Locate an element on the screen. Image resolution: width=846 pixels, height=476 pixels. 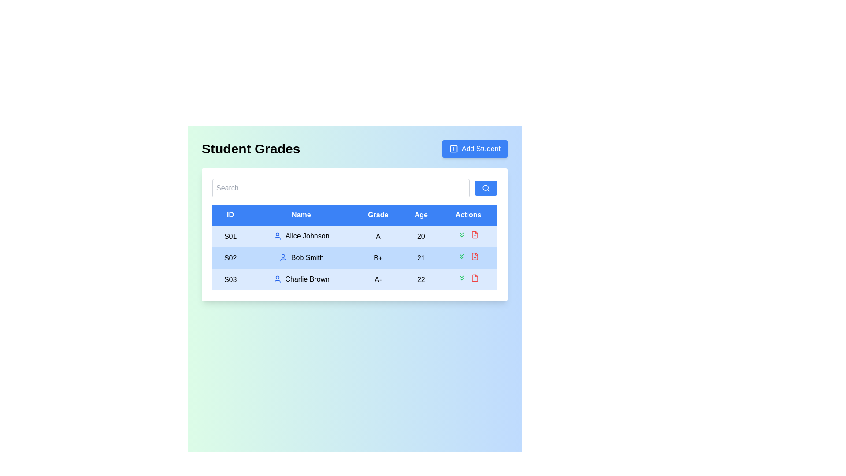
the details of the student name element displaying 'Alice Johnson' in the first row of the table, located in the 'Name' column adjacent to 'S01' in the 'ID' column and 'A' in the 'Grade' column is located at coordinates (301, 236).